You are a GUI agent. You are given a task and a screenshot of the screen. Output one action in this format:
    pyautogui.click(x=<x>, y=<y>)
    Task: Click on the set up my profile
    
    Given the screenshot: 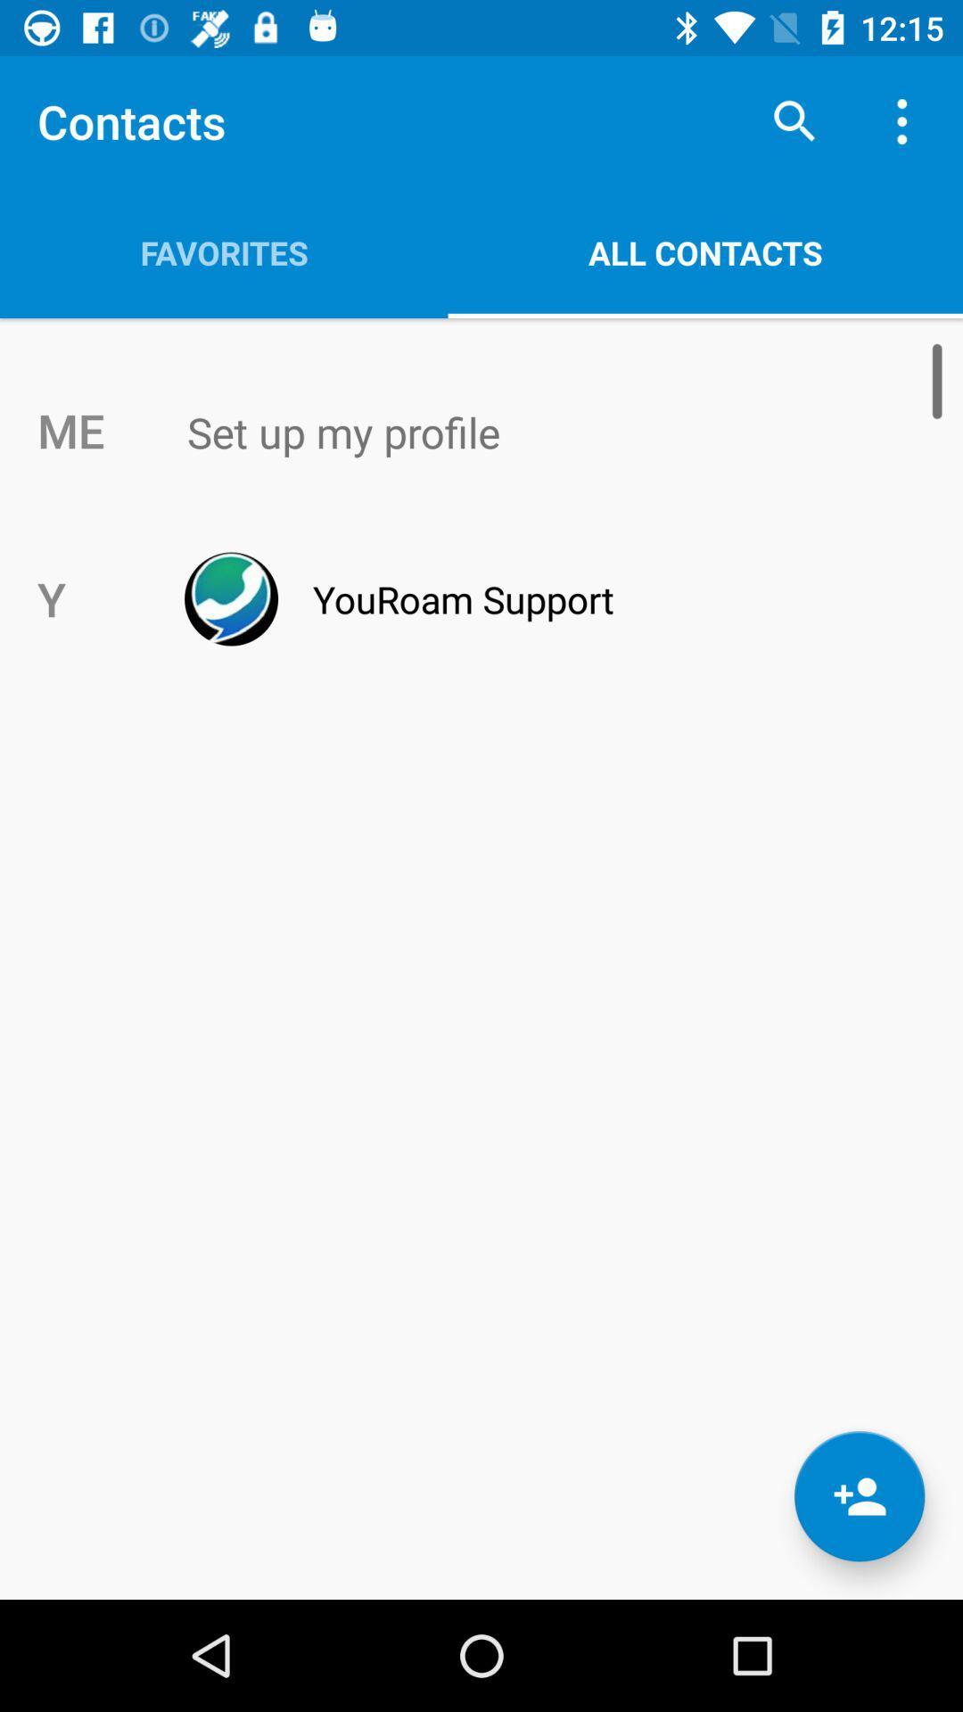 What is the action you would take?
    pyautogui.click(x=519, y=432)
    